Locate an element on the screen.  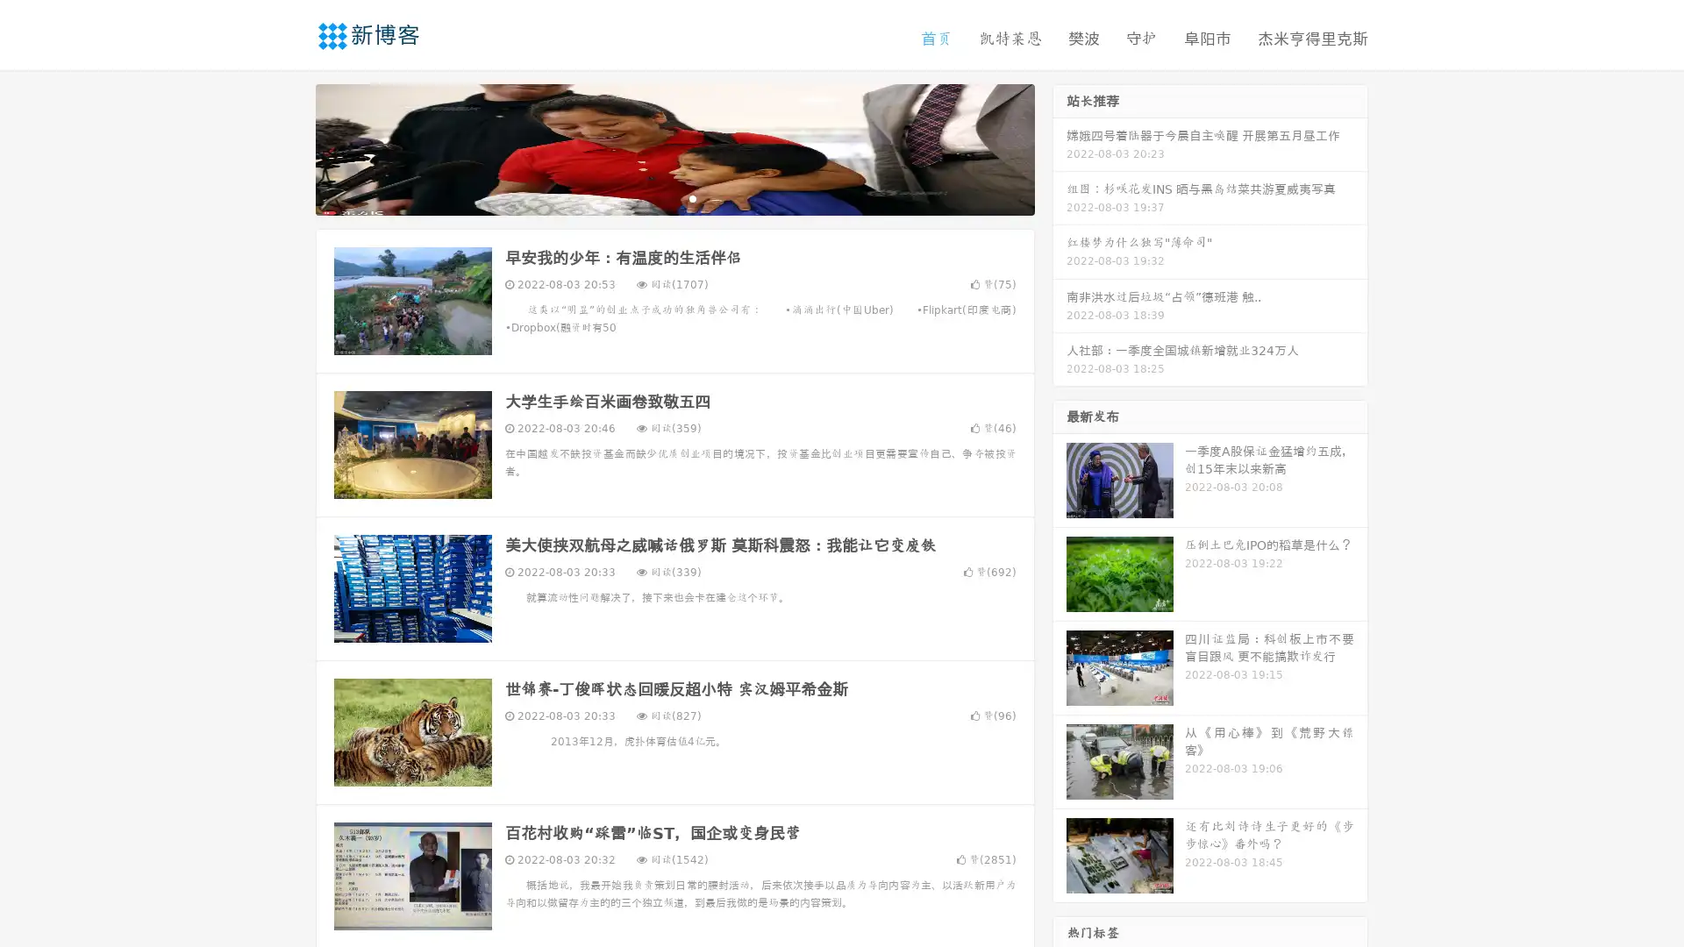
Go to slide 3 is located at coordinates (692, 197).